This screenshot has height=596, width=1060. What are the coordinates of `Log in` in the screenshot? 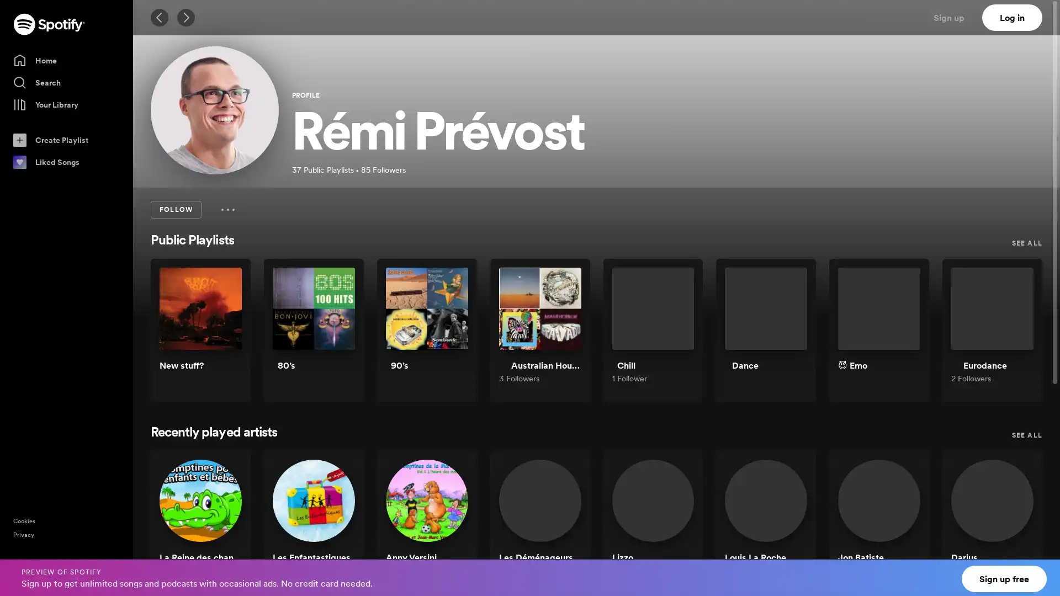 It's located at (1012, 17).